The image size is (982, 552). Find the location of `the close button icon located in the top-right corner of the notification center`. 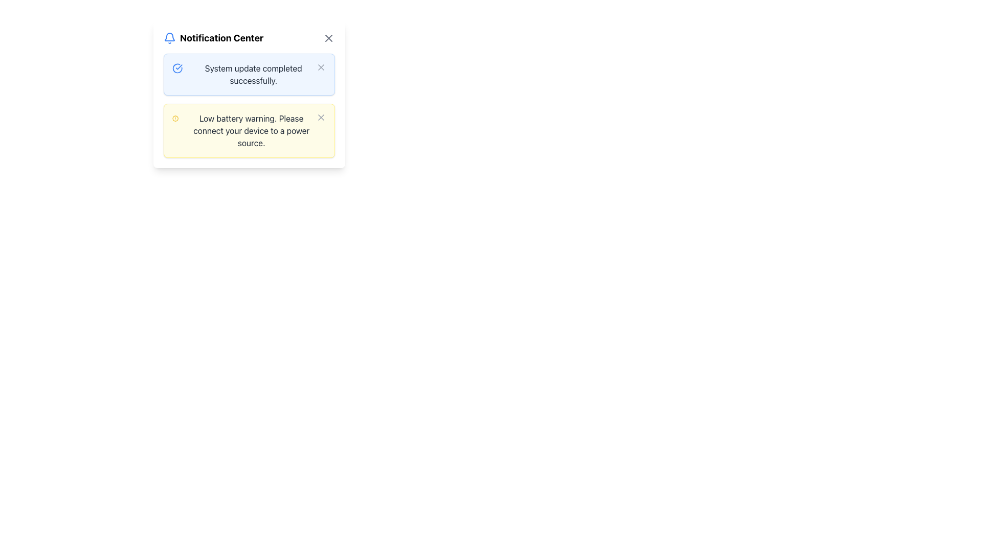

the close button icon located in the top-right corner of the notification center is located at coordinates (329, 37).